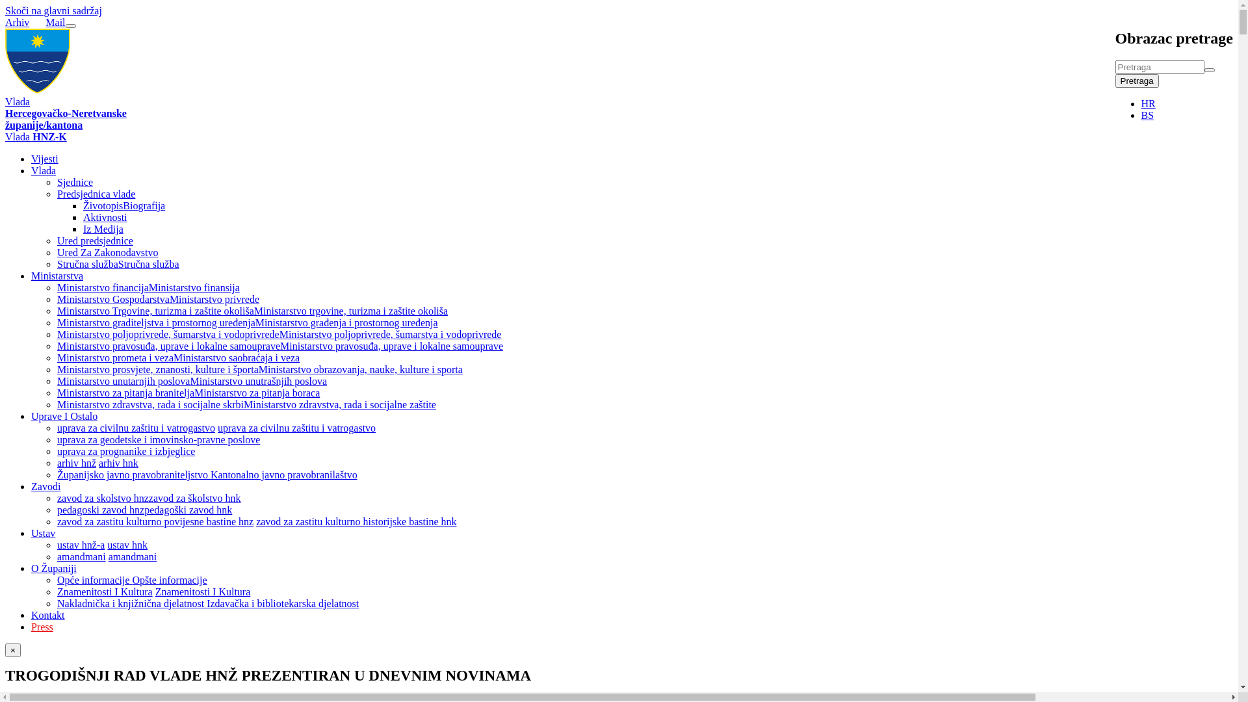 The width and height of the screenshot is (1248, 702). What do you see at coordinates (115, 357) in the screenshot?
I see `'Ministarstvo prometa i veza'` at bounding box center [115, 357].